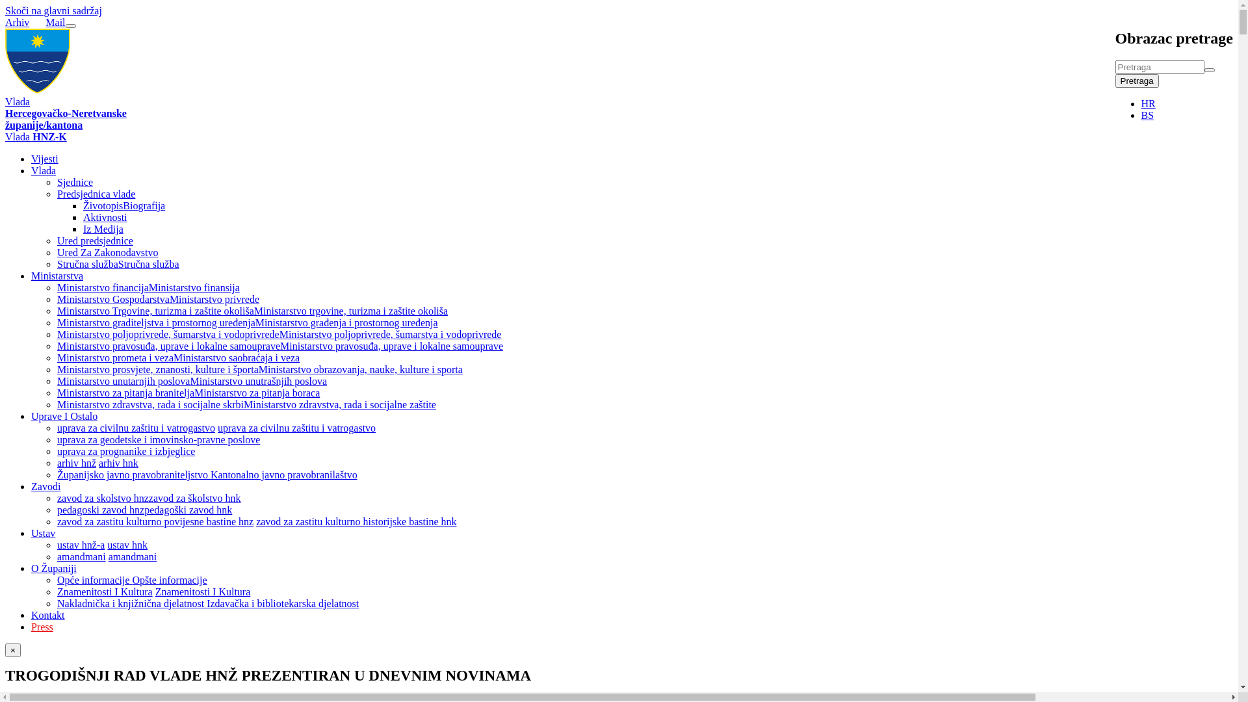 The width and height of the screenshot is (1248, 702). What do you see at coordinates (115, 357) in the screenshot?
I see `'Ministarstvo prometa i veza'` at bounding box center [115, 357].